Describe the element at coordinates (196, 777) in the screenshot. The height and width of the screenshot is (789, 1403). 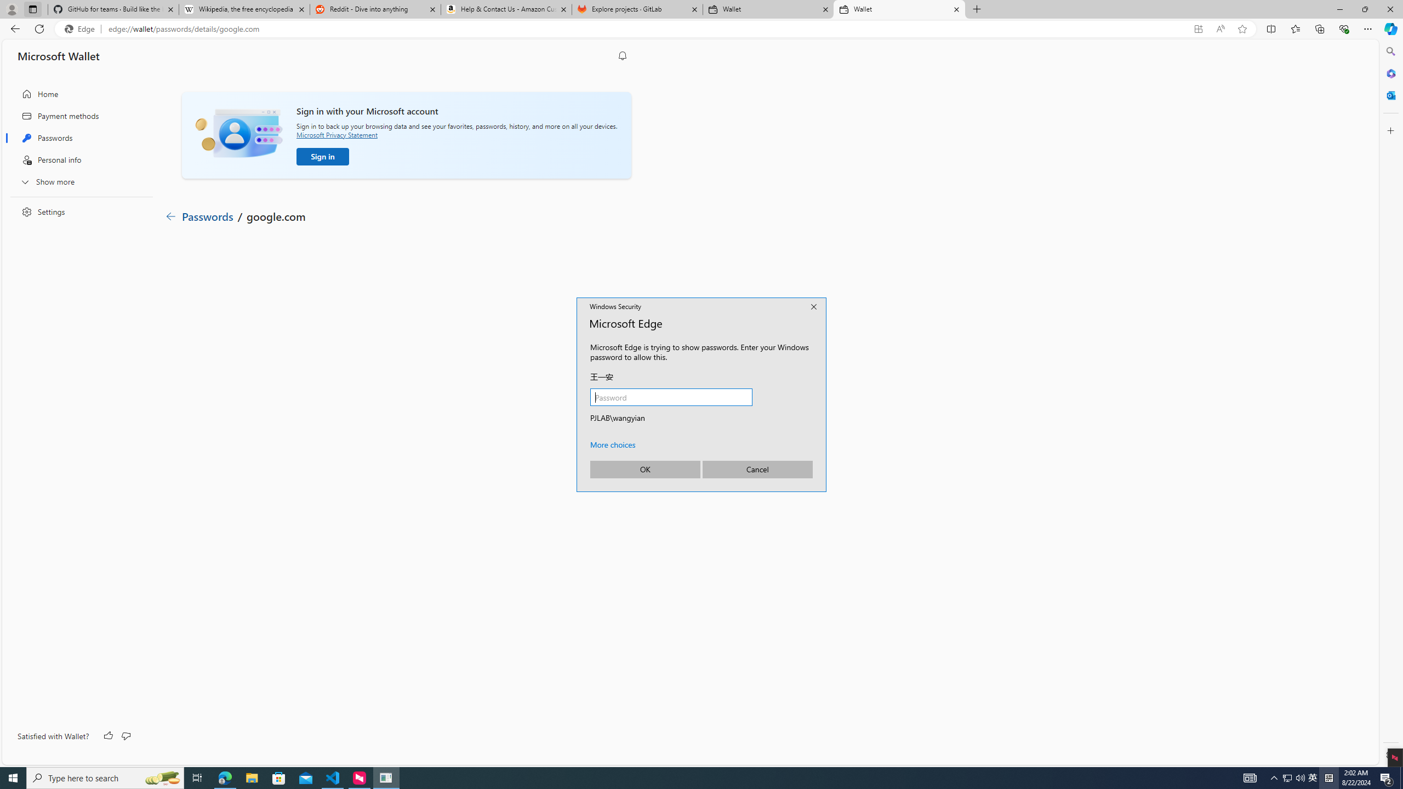
I see `'Task View'` at that location.